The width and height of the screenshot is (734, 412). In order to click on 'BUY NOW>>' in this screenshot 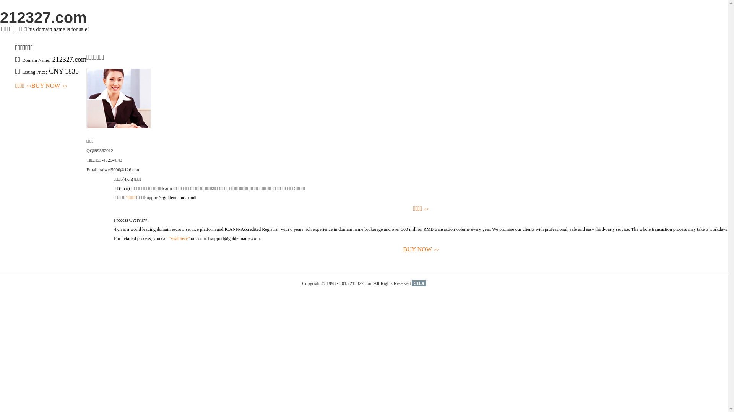, I will do `click(31, 86)`.